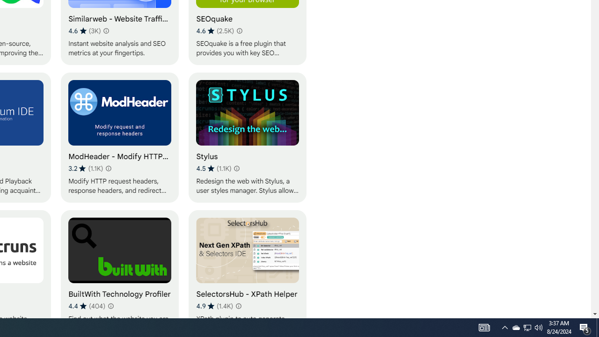 The width and height of the screenshot is (599, 337). Describe the element at coordinates (86, 168) in the screenshot. I see `'Average rating 3.2 out of 5 stars. 1.1K ratings.'` at that location.